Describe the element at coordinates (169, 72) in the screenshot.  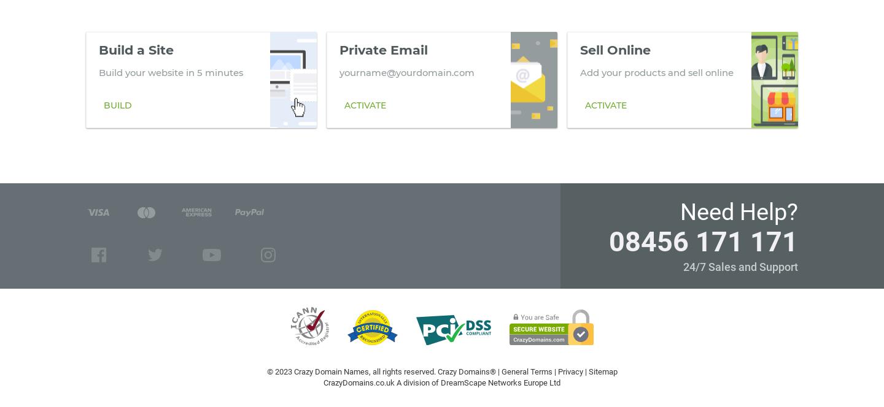
I see `'Build your website in 5 minutes'` at that location.